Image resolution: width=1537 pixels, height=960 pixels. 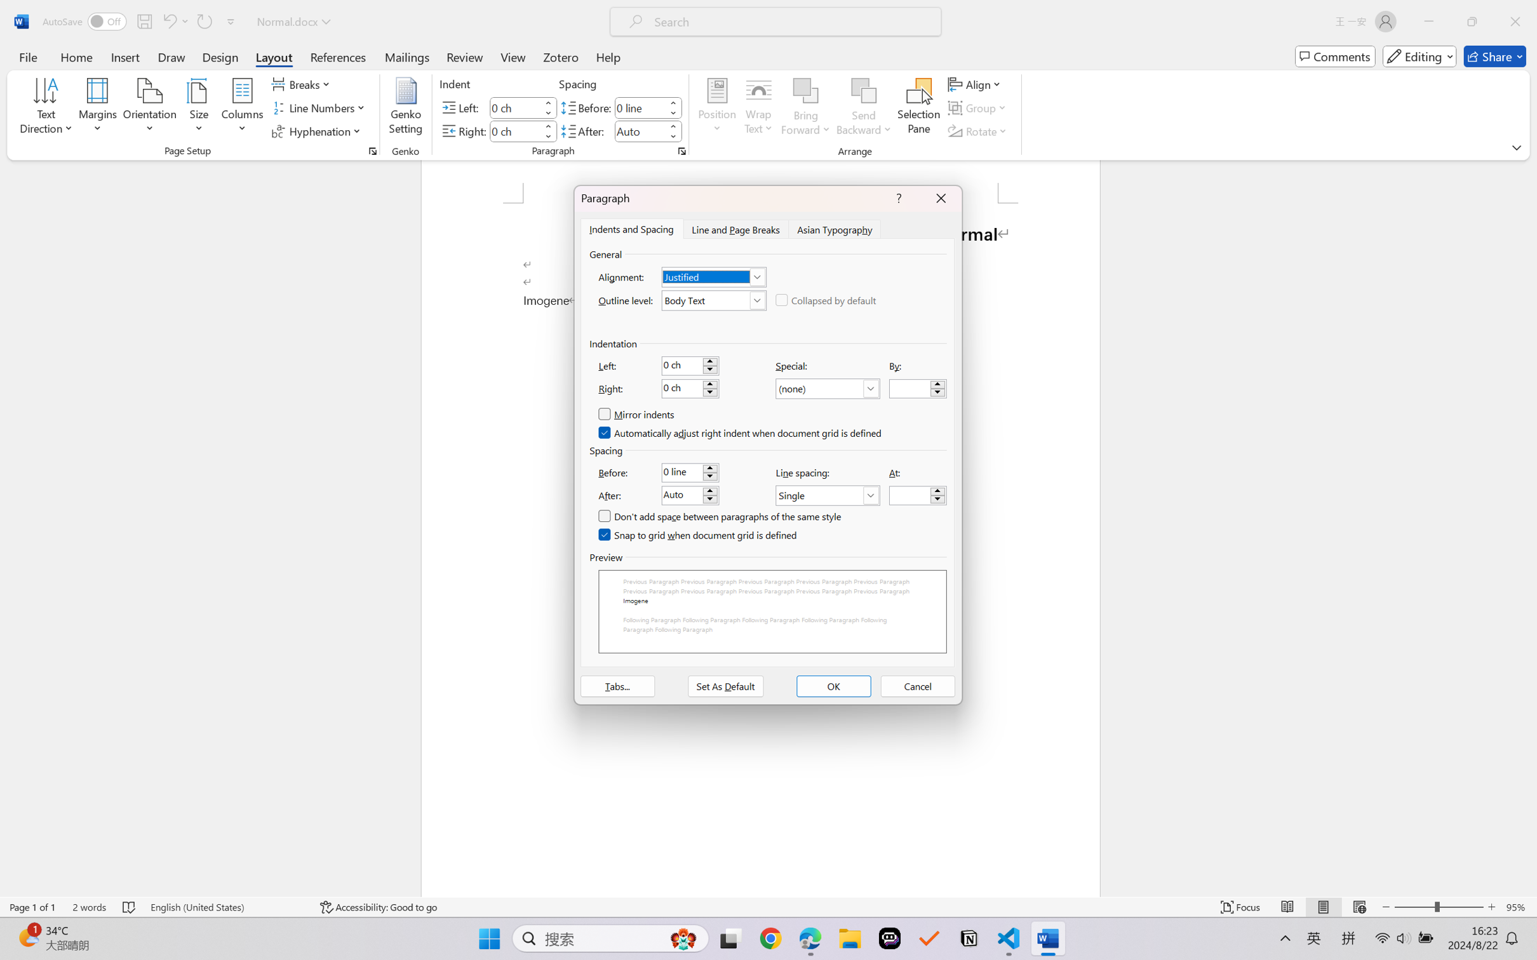 I want to click on 'Group', so click(x=978, y=108).